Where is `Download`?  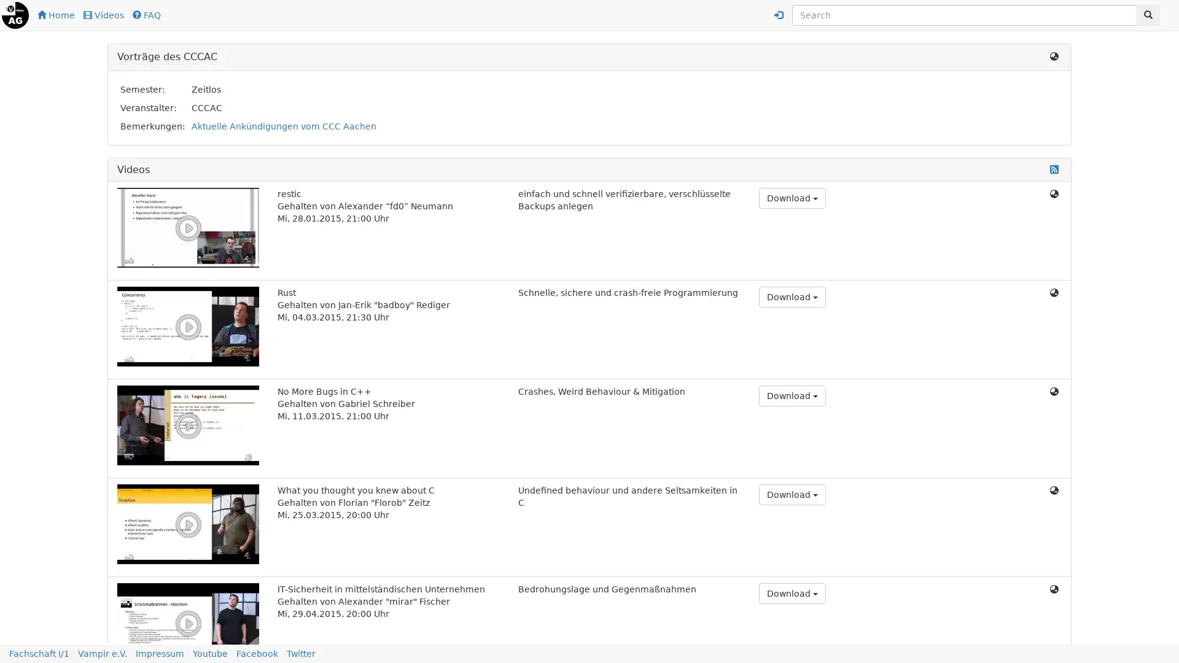
Download is located at coordinates (792, 593).